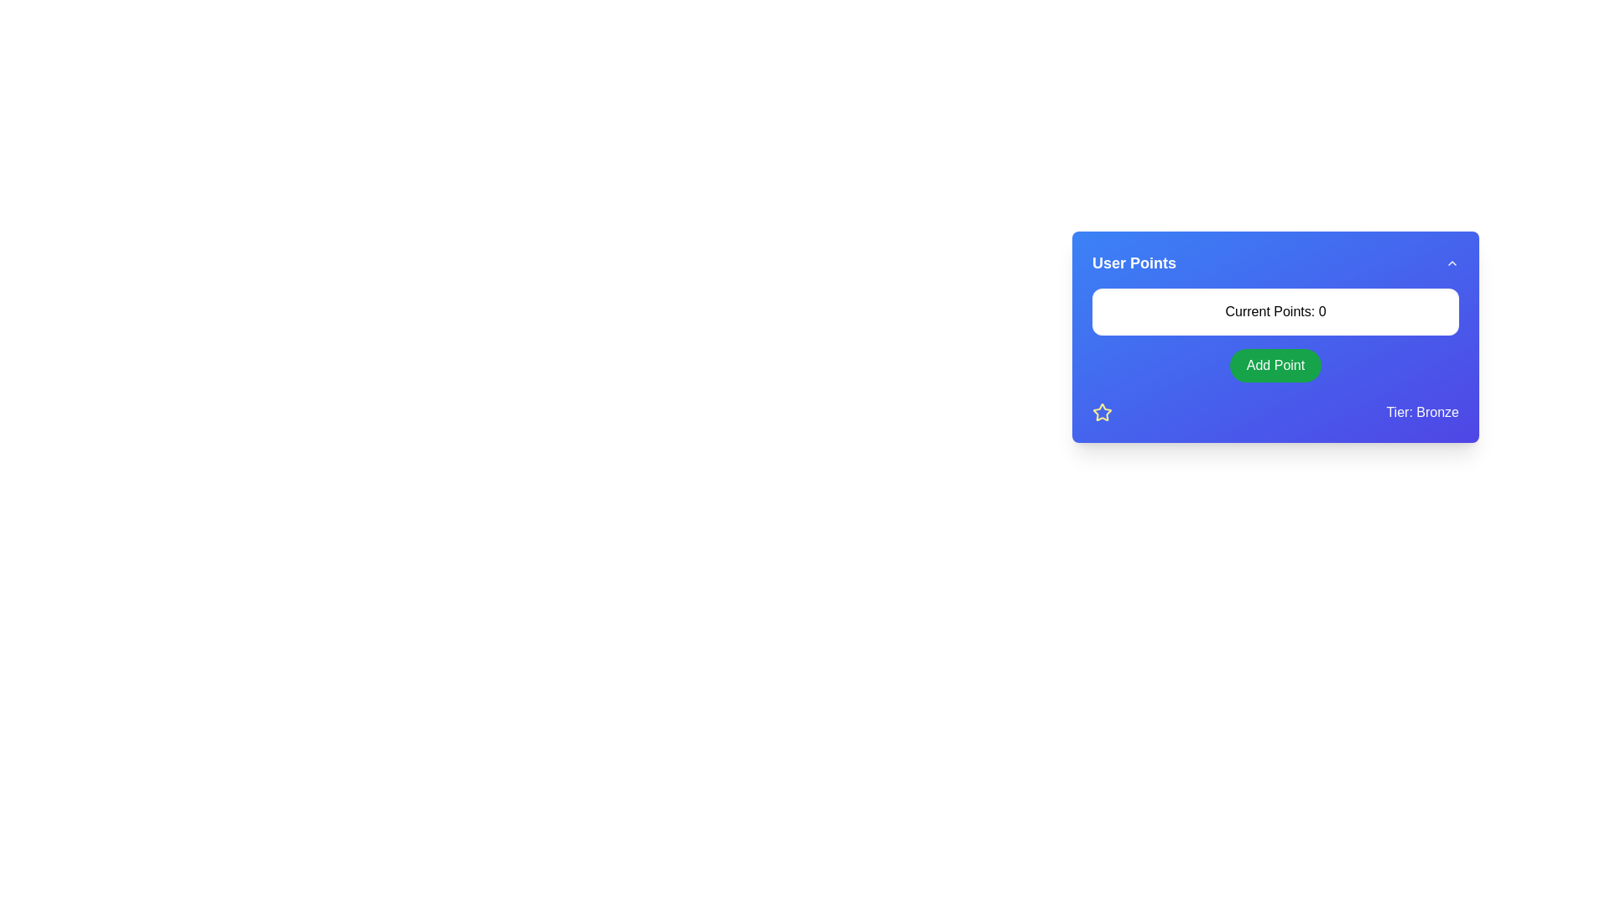  I want to click on the text label displaying 'Tier: Bronze', which is located at the bottom right corner of a blue card UI component, so click(1421, 413).